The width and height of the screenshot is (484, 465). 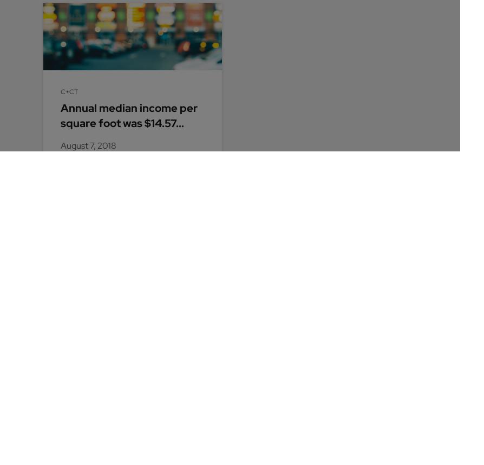 I want to click on 'Follow Us', so click(x=63, y=387).